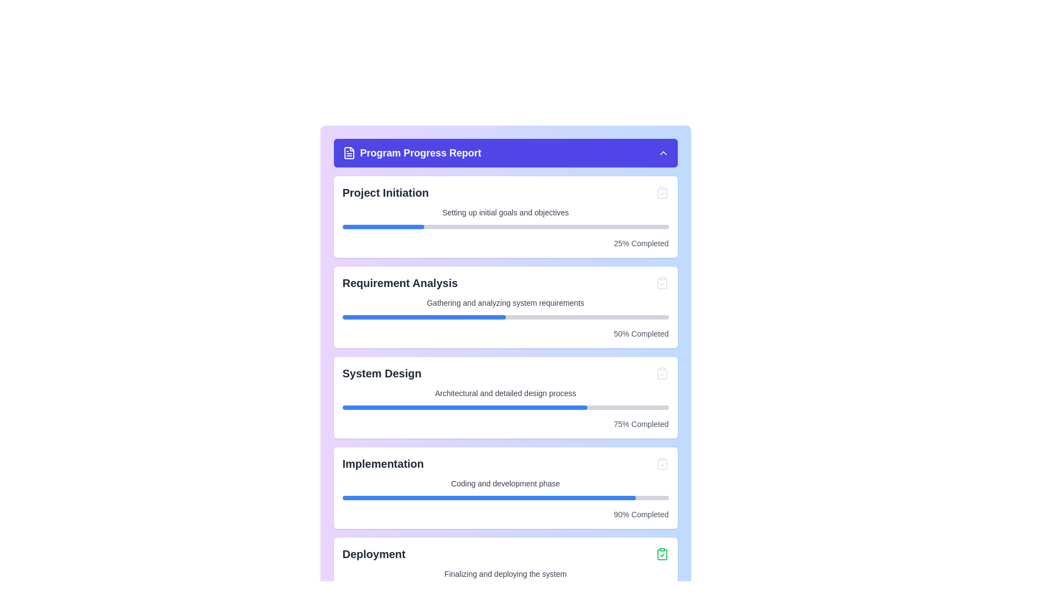  What do you see at coordinates (505, 392) in the screenshot?
I see `the static text providing additional descriptive information about the 'System Design' stage, which is positioned between the title text and a progress bar` at bounding box center [505, 392].